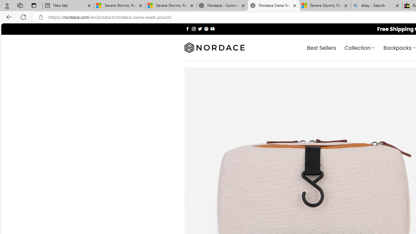 The image size is (416, 234). Describe the element at coordinates (214, 47) in the screenshot. I see `'Nordace'` at that location.